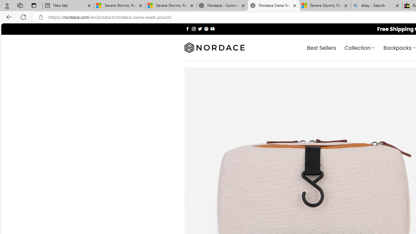 The image size is (416, 234). Describe the element at coordinates (214, 47) in the screenshot. I see `'Nordace'` at that location.